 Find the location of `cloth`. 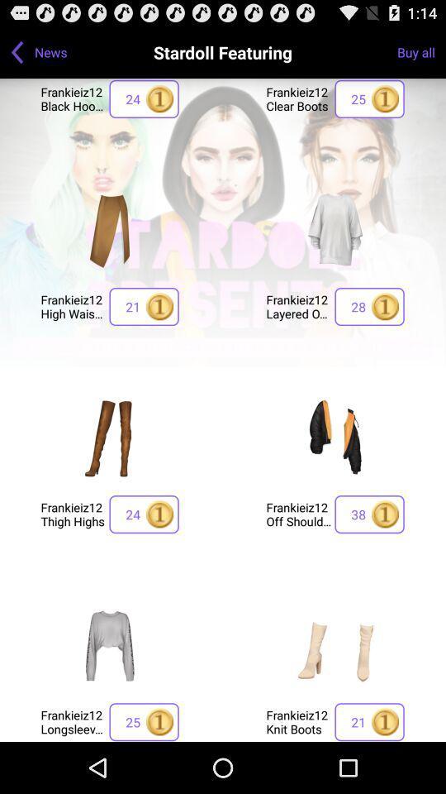

cloth is located at coordinates (334, 437).